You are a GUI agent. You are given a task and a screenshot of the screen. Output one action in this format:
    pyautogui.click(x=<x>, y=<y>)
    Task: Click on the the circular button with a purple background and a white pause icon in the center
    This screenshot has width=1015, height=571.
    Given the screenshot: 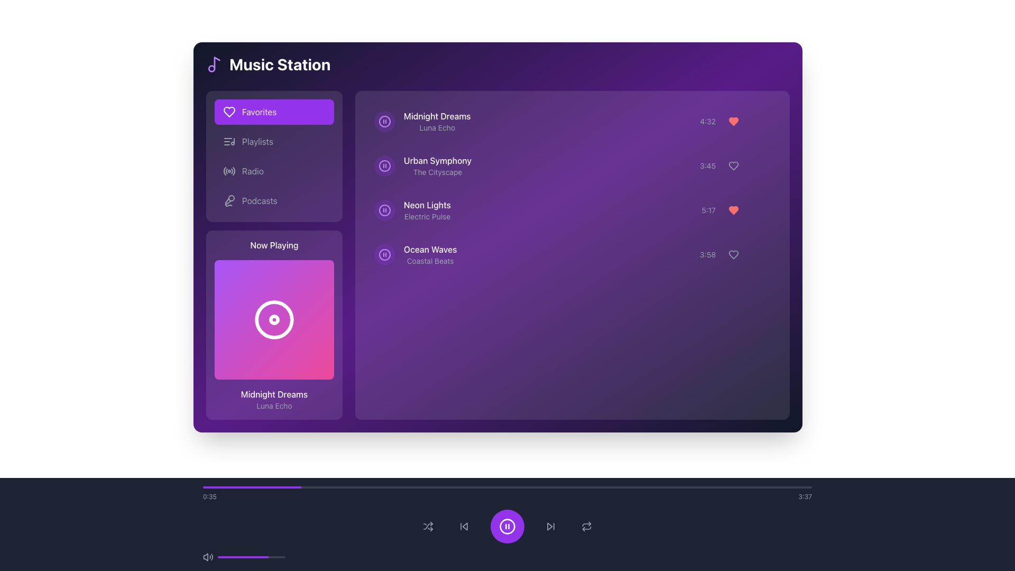 What is the action you would take?
    pyautogui.click(x=508, y=526)
    